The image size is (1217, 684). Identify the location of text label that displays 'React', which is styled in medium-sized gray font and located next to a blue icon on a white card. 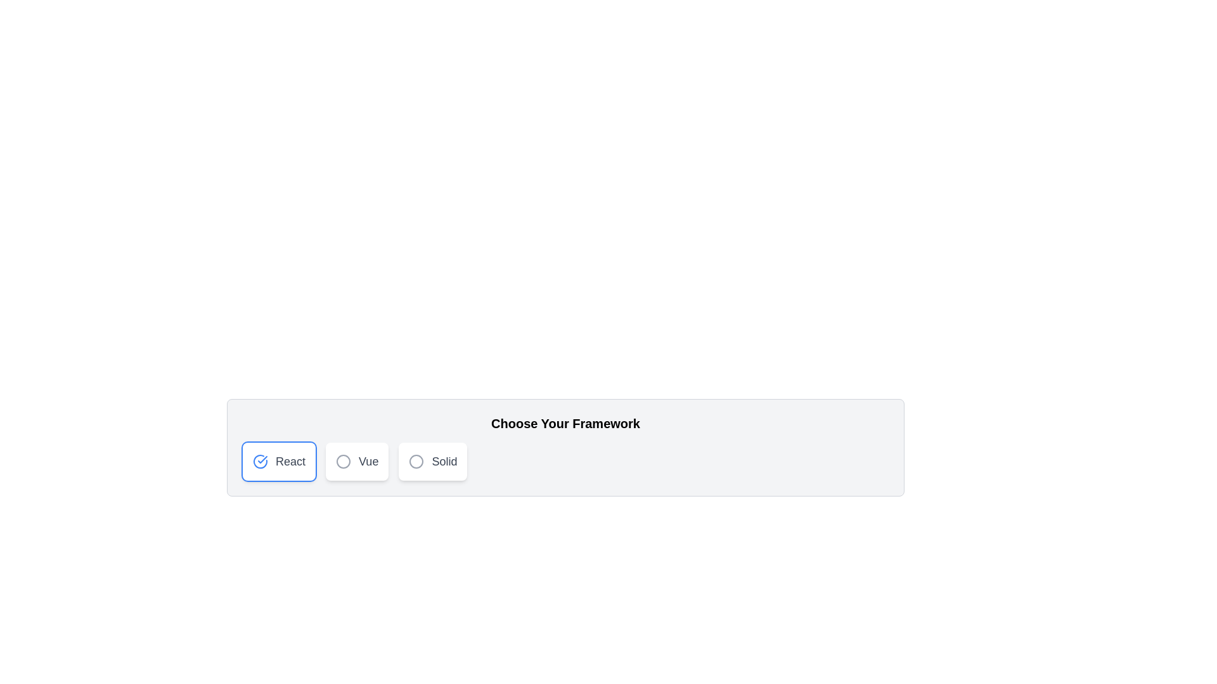
(290, 462).